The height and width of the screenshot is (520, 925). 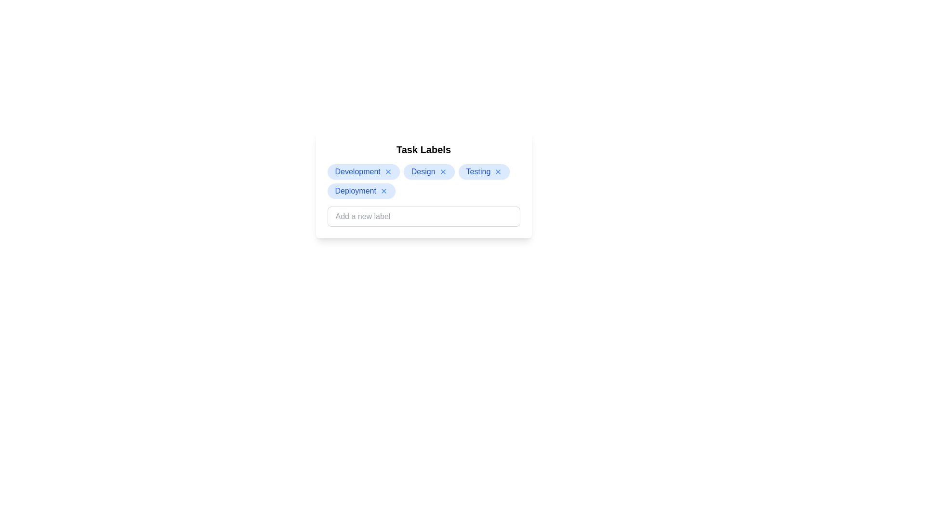 What do you see at coordinates (383, 191) in the screenshot?
I see `the blue 'X' icon button located on the right end of the 'Deployment' label` at bounding box center [383, 191].